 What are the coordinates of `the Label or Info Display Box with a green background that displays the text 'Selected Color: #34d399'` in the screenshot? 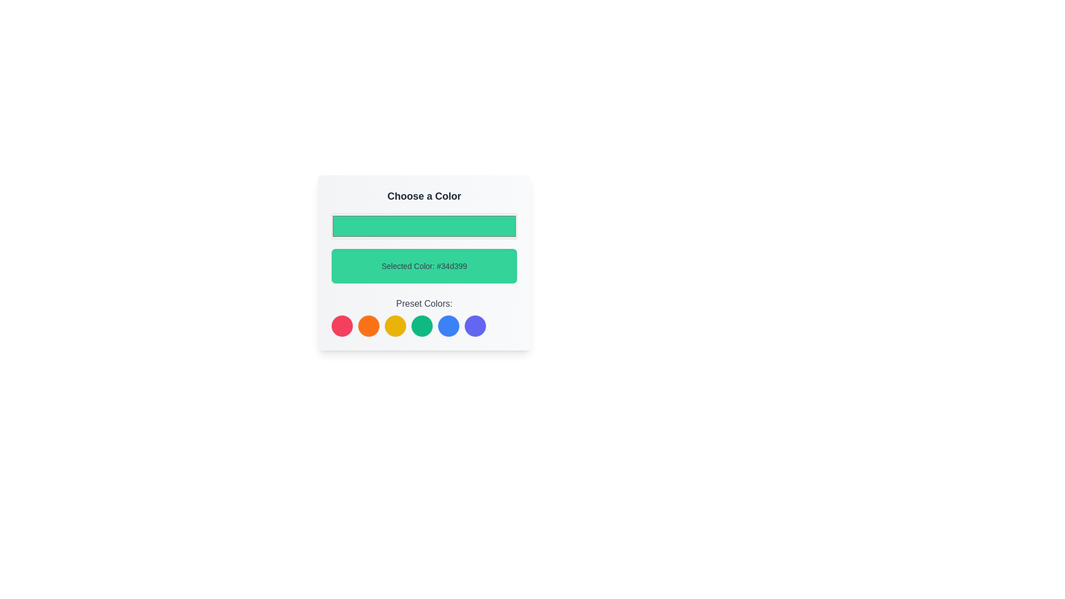 It's located at (423, 263).